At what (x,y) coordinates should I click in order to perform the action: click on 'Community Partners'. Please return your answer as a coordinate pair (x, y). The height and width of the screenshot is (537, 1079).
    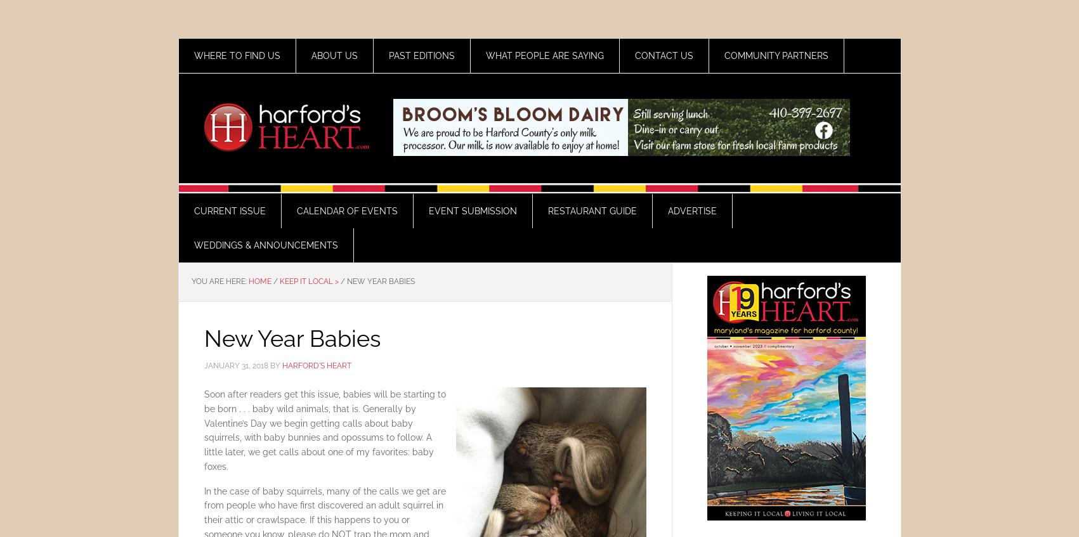
    Looking at the image, I should click on (776, 56).